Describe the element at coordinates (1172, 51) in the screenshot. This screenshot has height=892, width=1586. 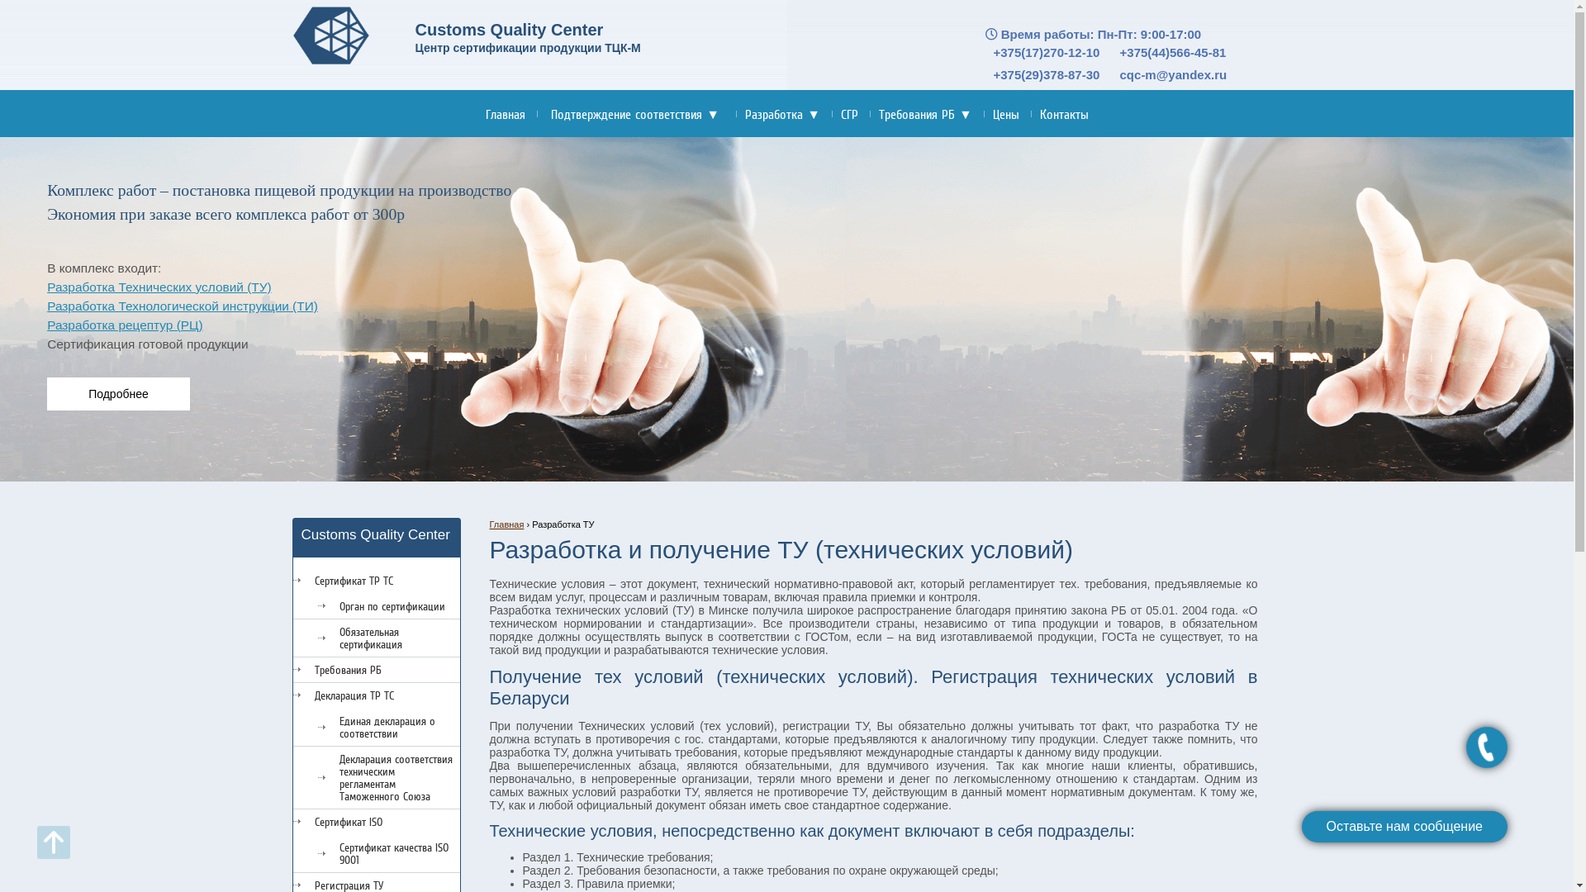
I see `'+375(44)566-45-81'` at that location.